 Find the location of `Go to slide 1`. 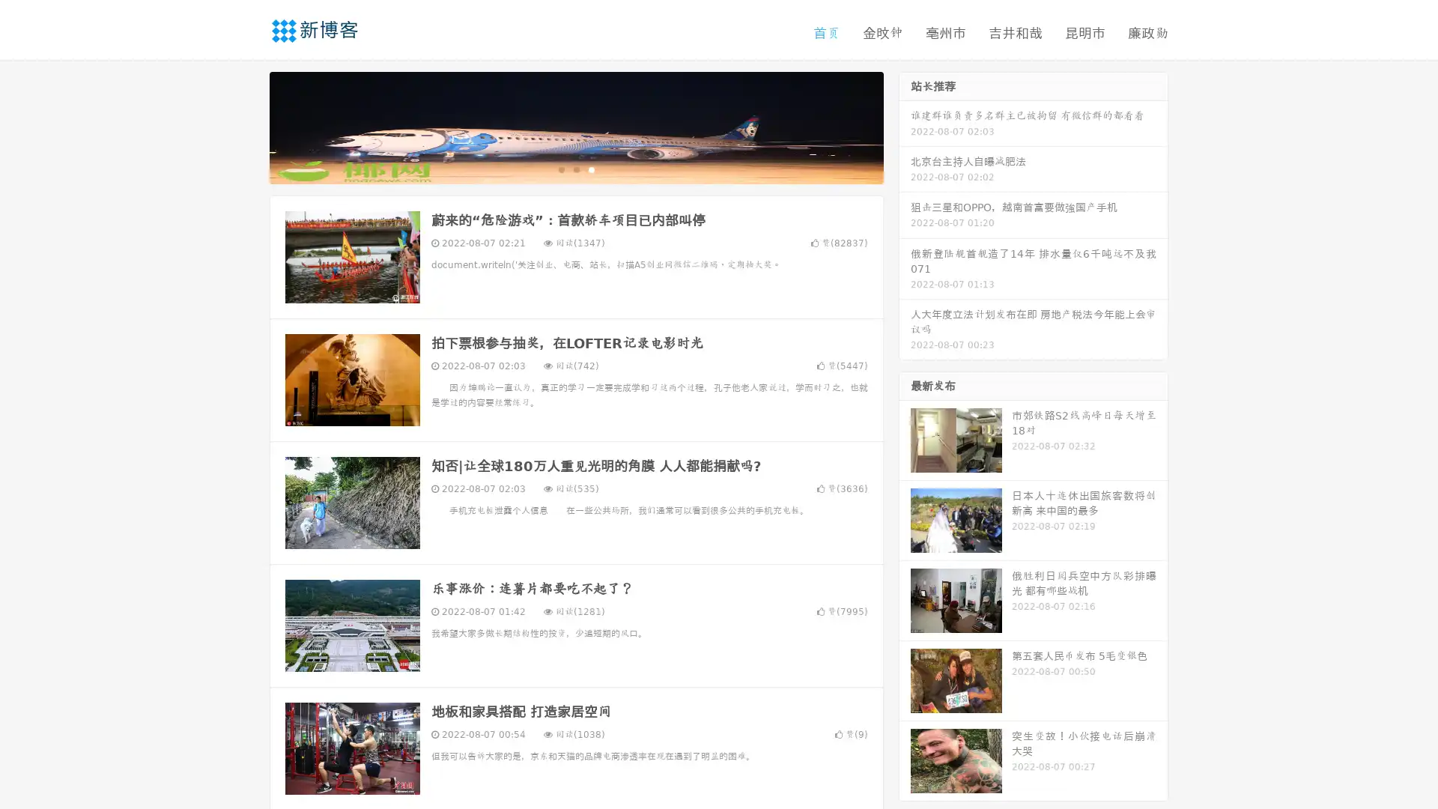

Go to slide 1 is located at coordinates (560, 169).